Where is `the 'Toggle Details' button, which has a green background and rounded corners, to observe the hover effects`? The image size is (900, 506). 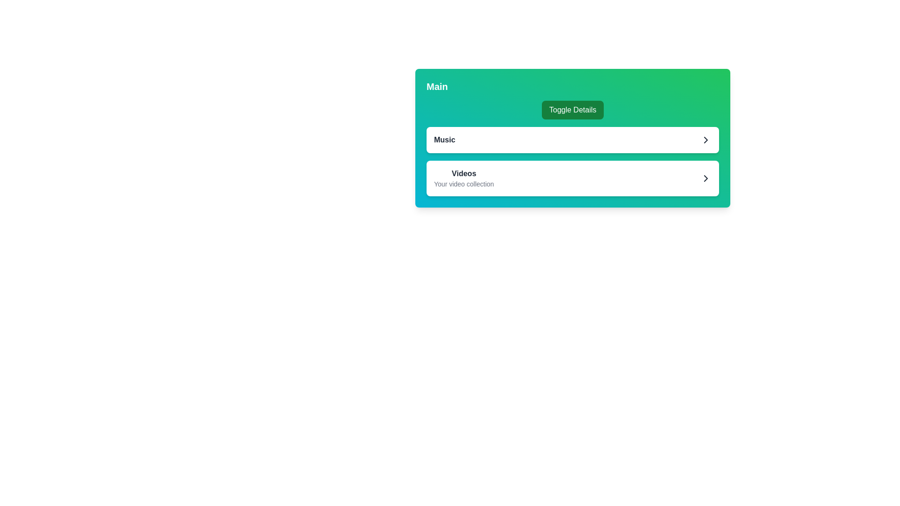
the 'Toggle Details' button, which has a green background and rounded corners, to observe the hover effects is located at coordinates (572, 110).